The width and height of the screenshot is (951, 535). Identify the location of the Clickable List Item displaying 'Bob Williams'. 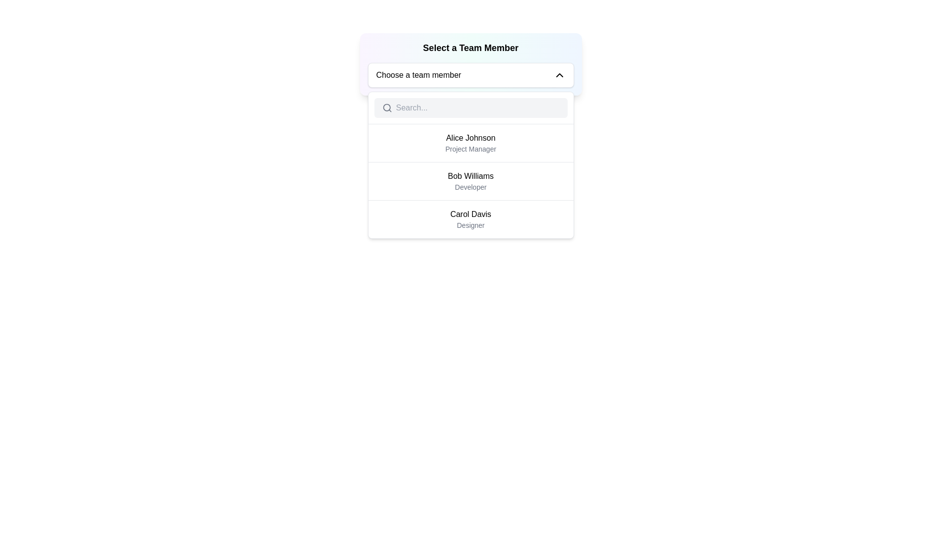
(470, 181).